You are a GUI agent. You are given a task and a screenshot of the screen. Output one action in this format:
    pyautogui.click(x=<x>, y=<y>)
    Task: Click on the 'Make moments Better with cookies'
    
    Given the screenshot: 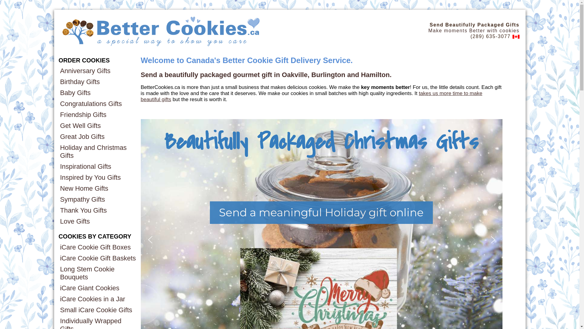 What is the action you would take?
    pyautogui.click(x=473, y=30)
    